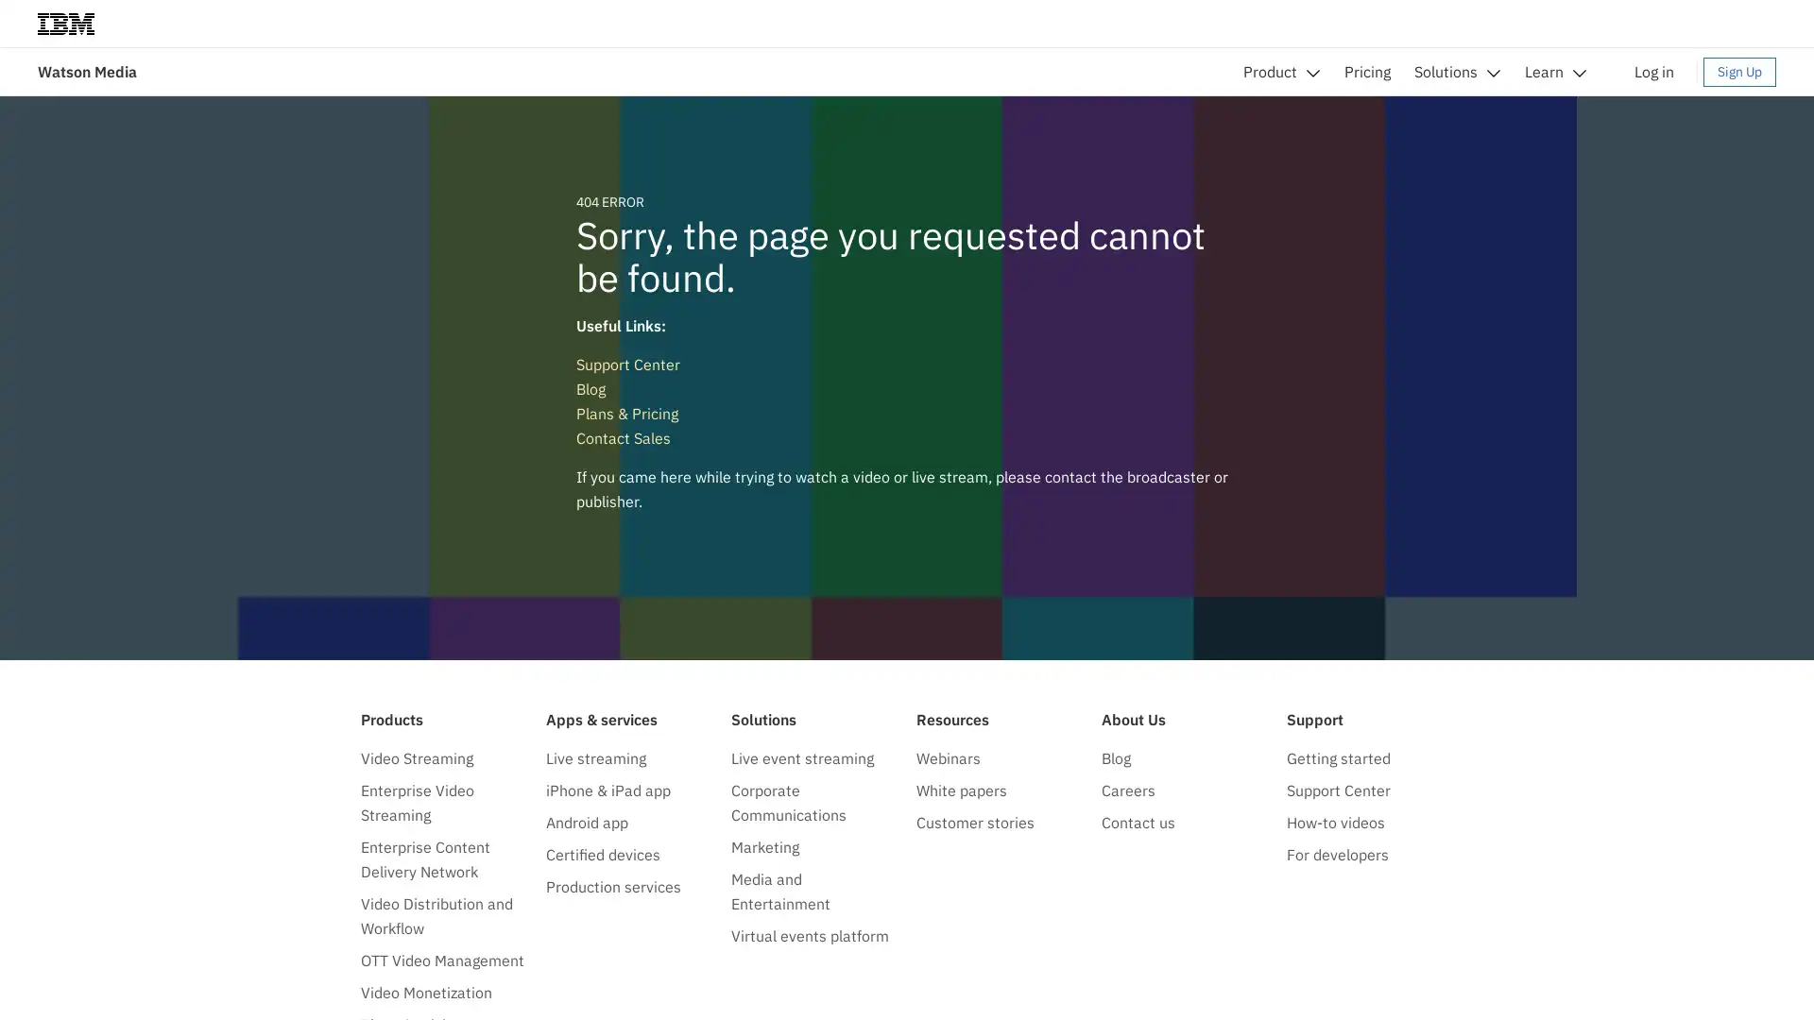 This screenshot has height=1020, width=1814. Describe the element at coordinates (1661, 958) in the screenshot. I see `Do not sell my personal information` at that location.